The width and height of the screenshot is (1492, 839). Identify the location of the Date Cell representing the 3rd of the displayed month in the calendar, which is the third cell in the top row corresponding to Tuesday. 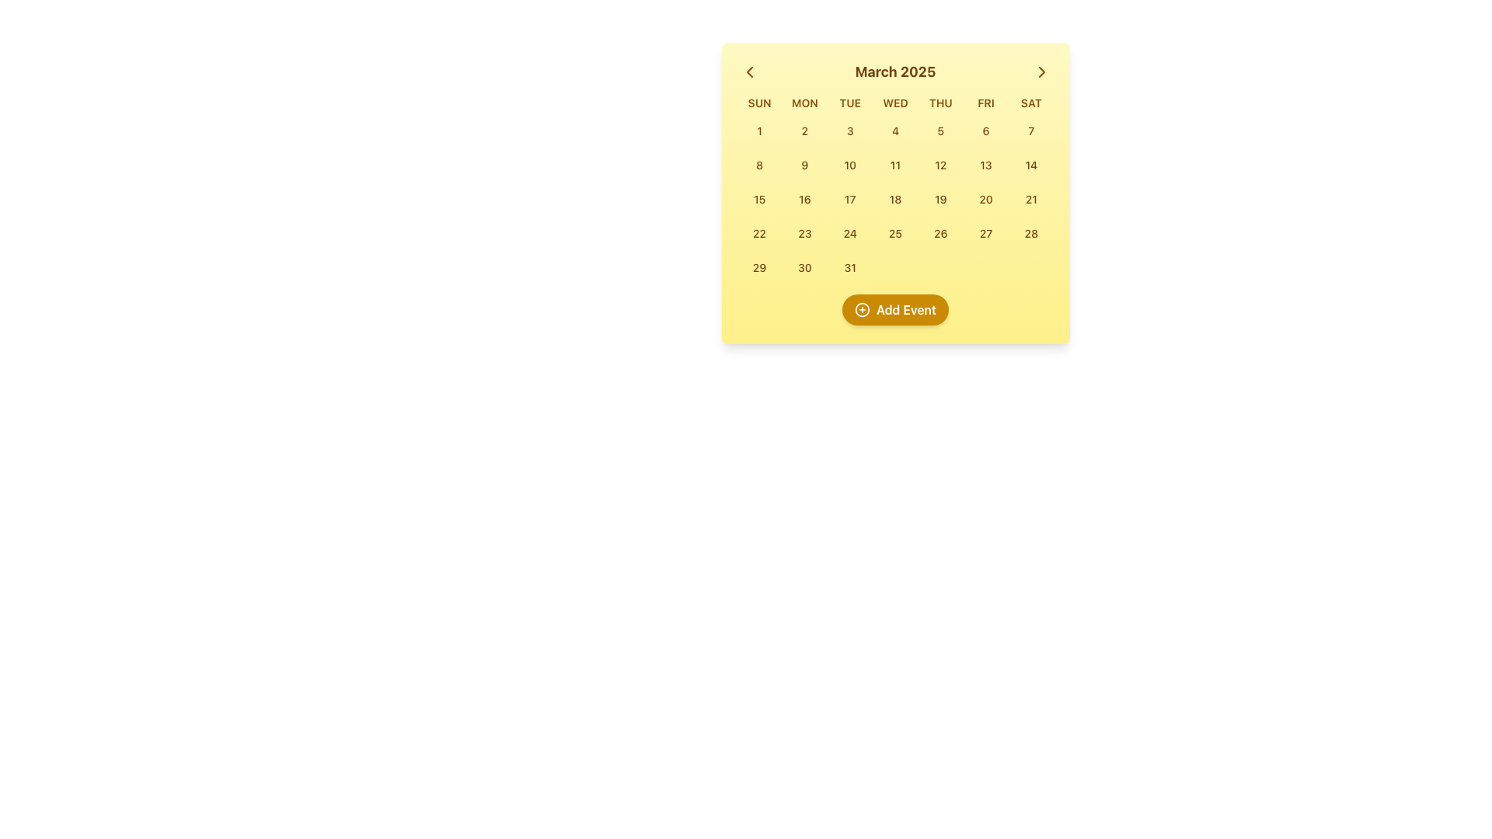
(849, 131).